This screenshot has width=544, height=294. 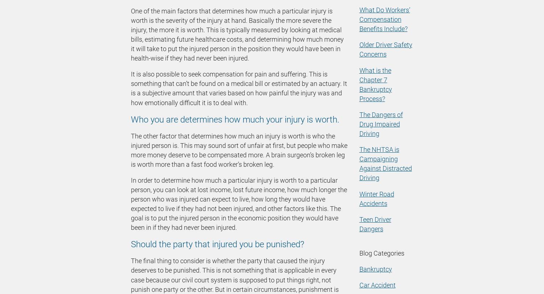 What do you see at coordinates (359, 252) in the screenshot?
I see `'Blog Categories'` at bounding box center [359, 252].